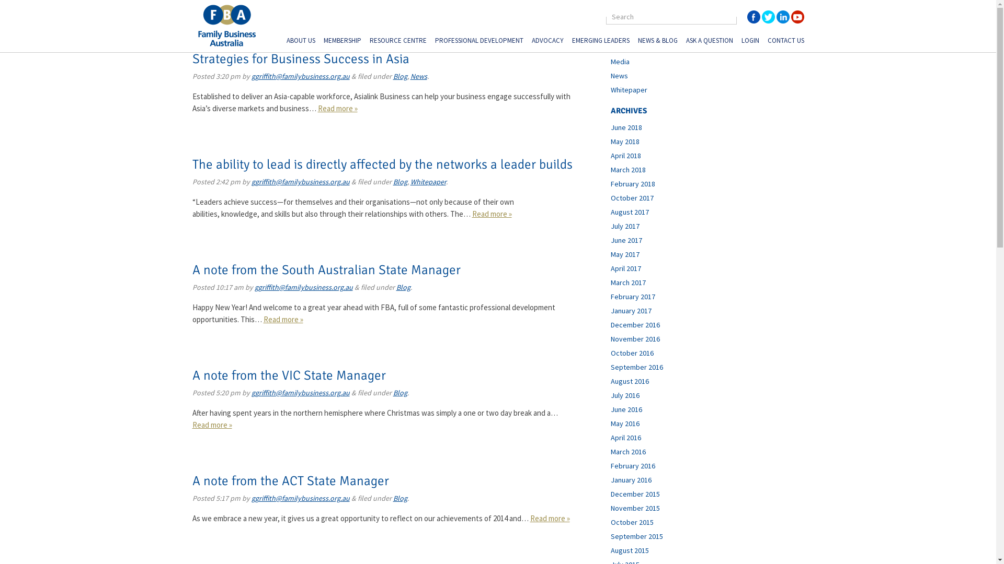 The width and height of the screenshot is (1004, 564). I want to click on 'ABOUT US', so click(300, 41).